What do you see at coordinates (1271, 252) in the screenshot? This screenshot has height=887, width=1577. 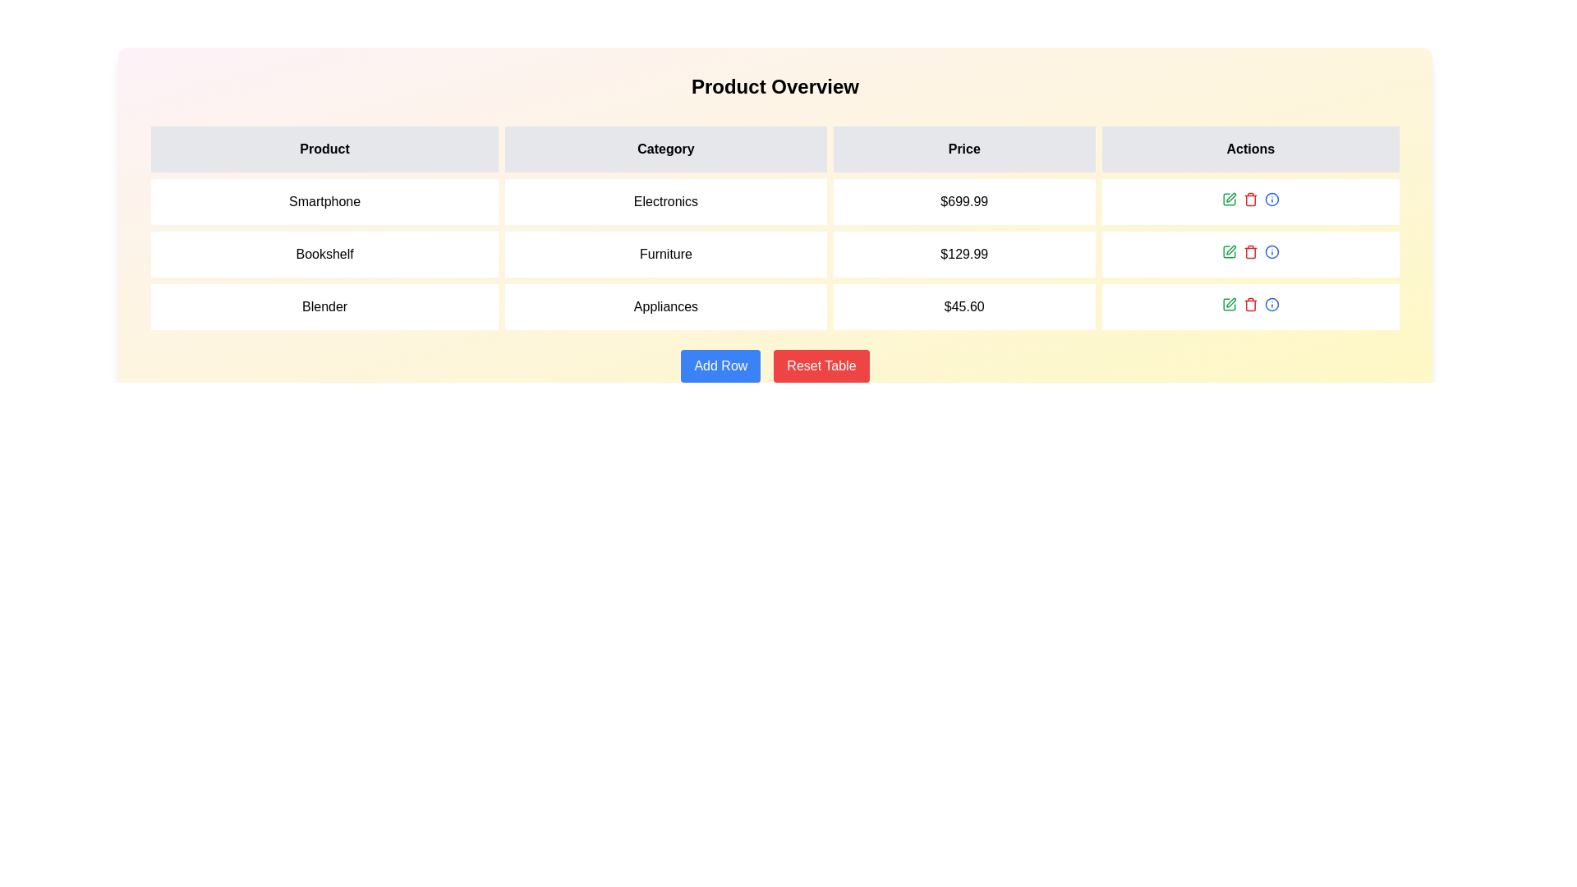 I see `the Icon Button in the Actions column of the third row associated with the 'Blender' row` at bounding box center [1271, 252].